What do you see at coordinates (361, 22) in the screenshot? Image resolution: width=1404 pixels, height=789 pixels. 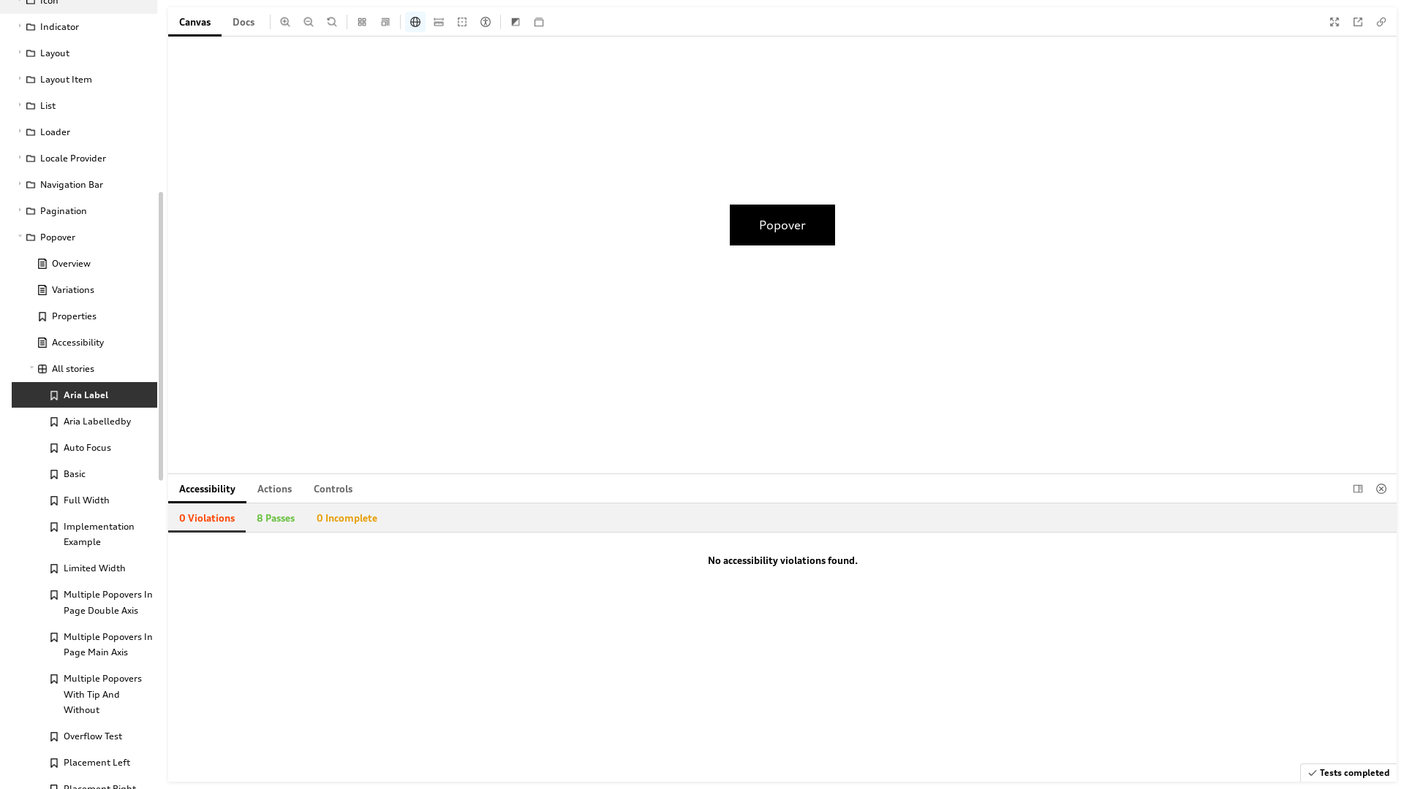 I see `'Apply a grid to the preview'` at bounding box center [361, 22].